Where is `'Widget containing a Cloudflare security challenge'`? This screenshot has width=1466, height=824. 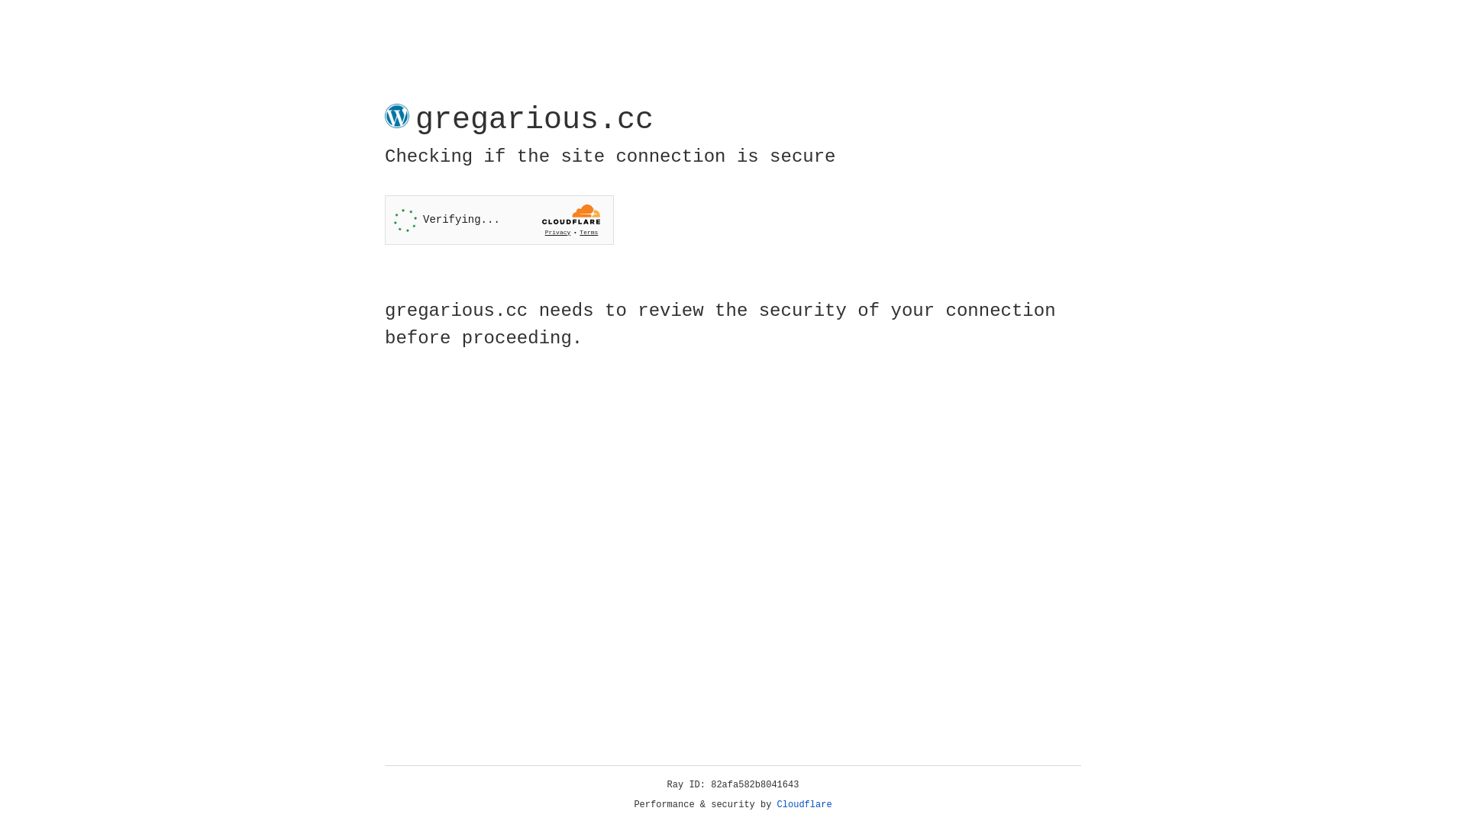
'Widget containing a Cloudflare security challenge' is located at coordinates (499, 220).